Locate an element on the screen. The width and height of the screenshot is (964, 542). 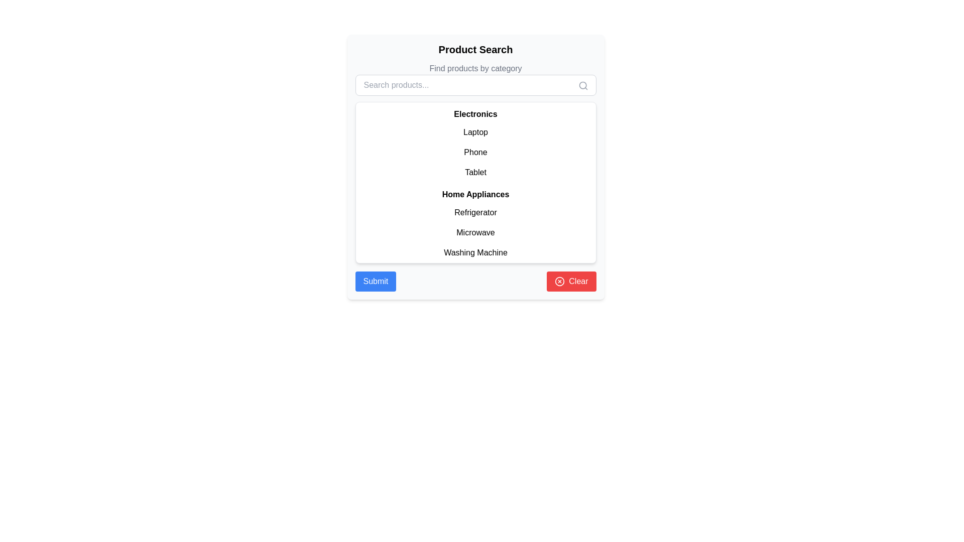
the title and subtitle Text Block located at the top center of the product search interface, which provides context for the displayed content is located at coordinates (475, 58).